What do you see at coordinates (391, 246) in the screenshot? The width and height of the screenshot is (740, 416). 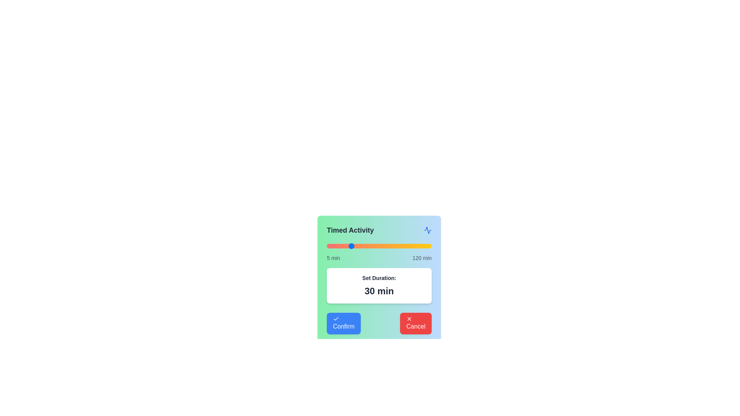 I see `the slider to set the activity duration to 76 minutes` at bounding box center [391, 246].